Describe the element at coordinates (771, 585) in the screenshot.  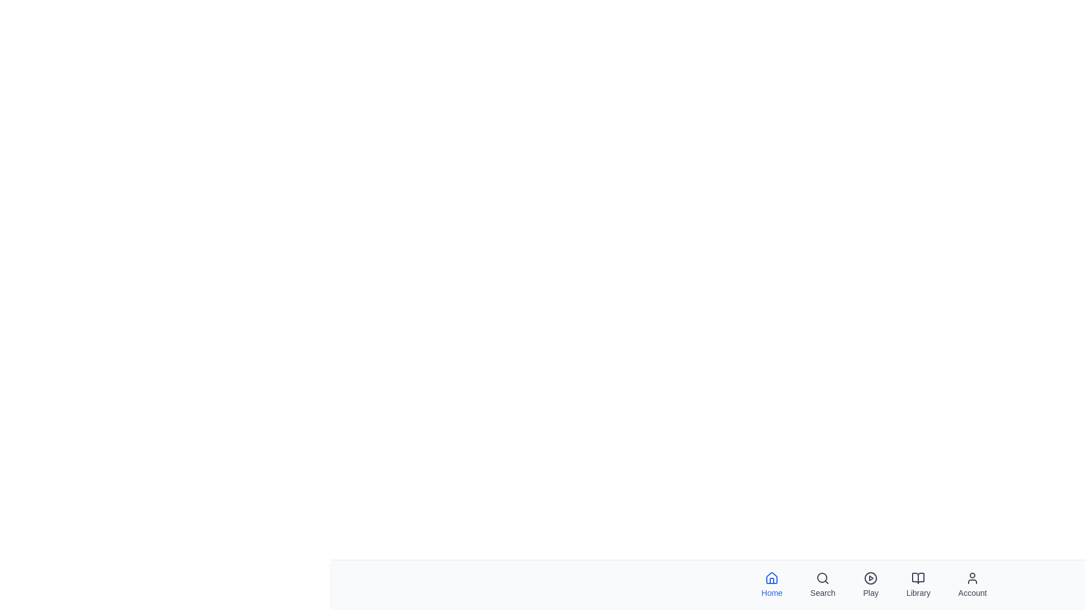
I see `the Home tab in the bottom navigation bar` at that location.